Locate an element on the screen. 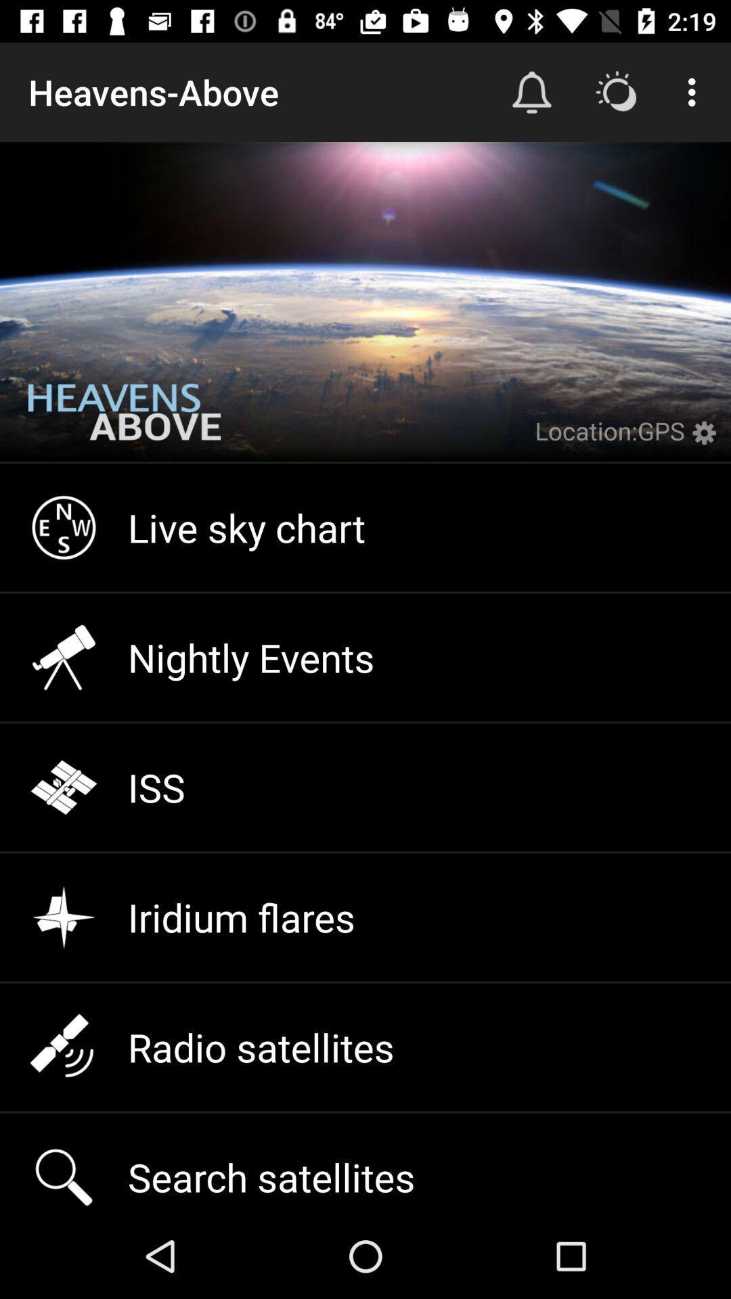 The height and width of the screenshot is (1299, 731). the item to the right of the heavens-above app is located at coordinates (531, 91).